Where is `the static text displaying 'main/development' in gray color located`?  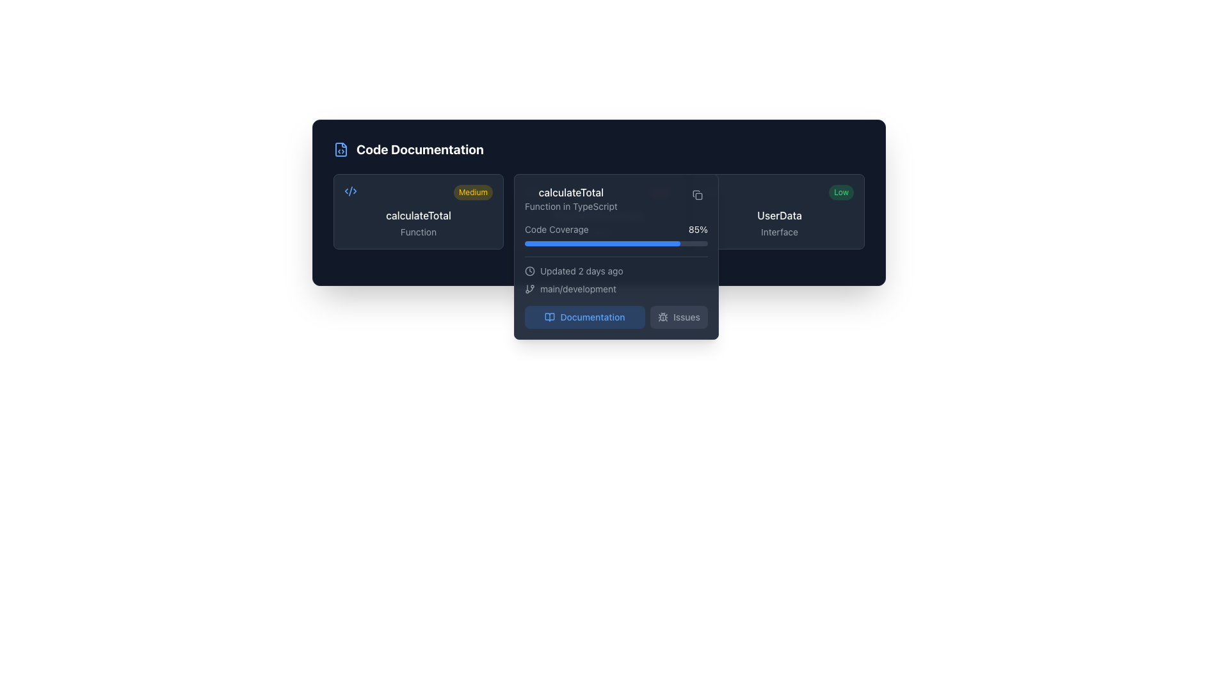 the static text displaying 'main/development' in gray color located is located at coordinates (577, 289).